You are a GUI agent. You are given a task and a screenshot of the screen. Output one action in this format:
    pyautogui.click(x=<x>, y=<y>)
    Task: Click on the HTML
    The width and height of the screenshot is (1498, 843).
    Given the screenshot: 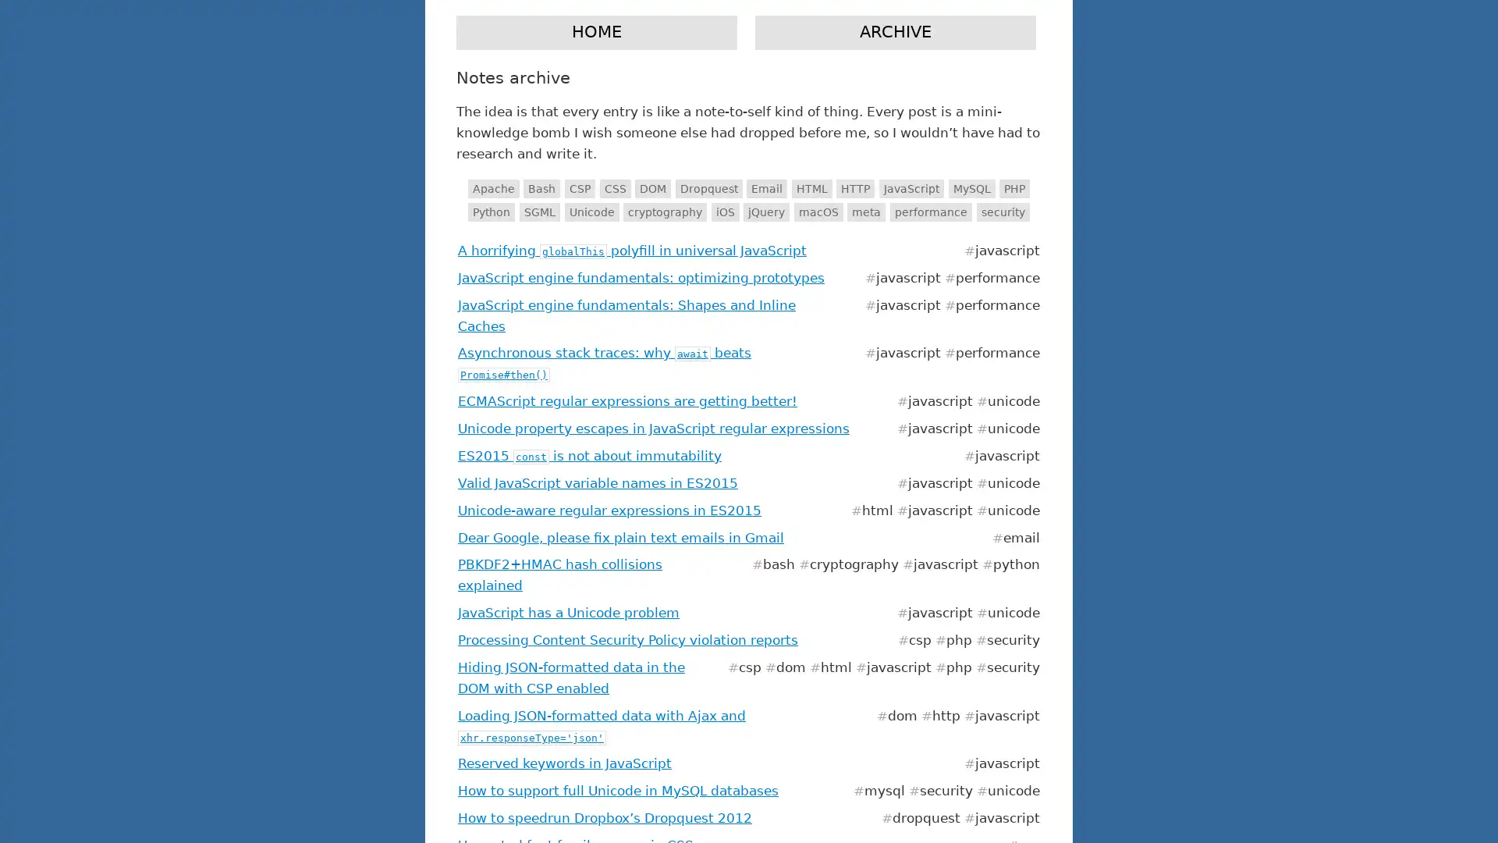 What is the action you would take?
    pyautogui.click(x=811, y=188)
    